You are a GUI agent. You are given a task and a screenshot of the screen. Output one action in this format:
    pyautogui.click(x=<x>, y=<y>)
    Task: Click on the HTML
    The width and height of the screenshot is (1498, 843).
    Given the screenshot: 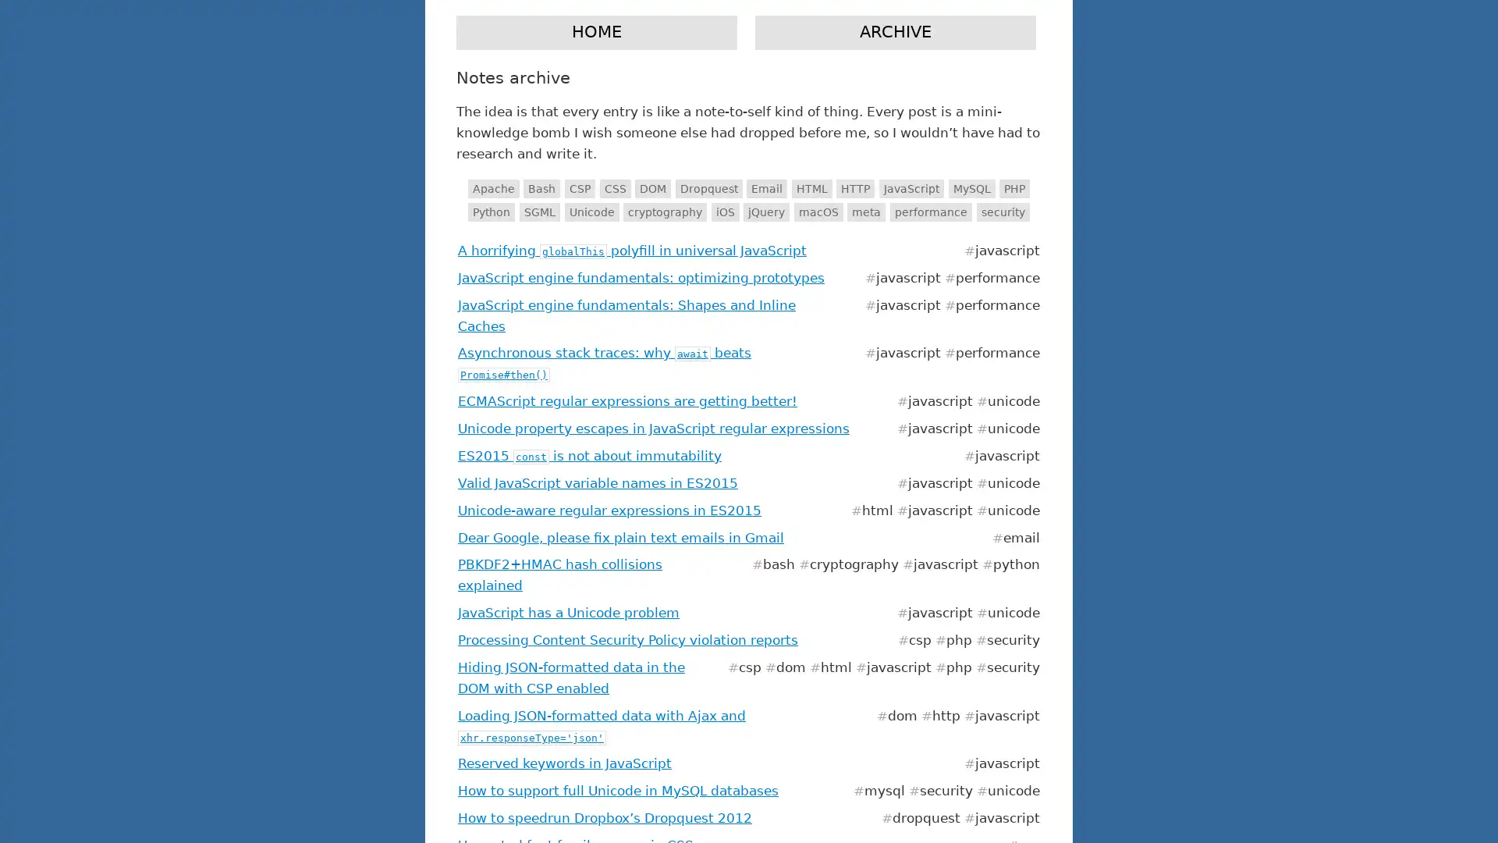 What is the action you would take?
    pyautogui.click(x=811, y=188)
    